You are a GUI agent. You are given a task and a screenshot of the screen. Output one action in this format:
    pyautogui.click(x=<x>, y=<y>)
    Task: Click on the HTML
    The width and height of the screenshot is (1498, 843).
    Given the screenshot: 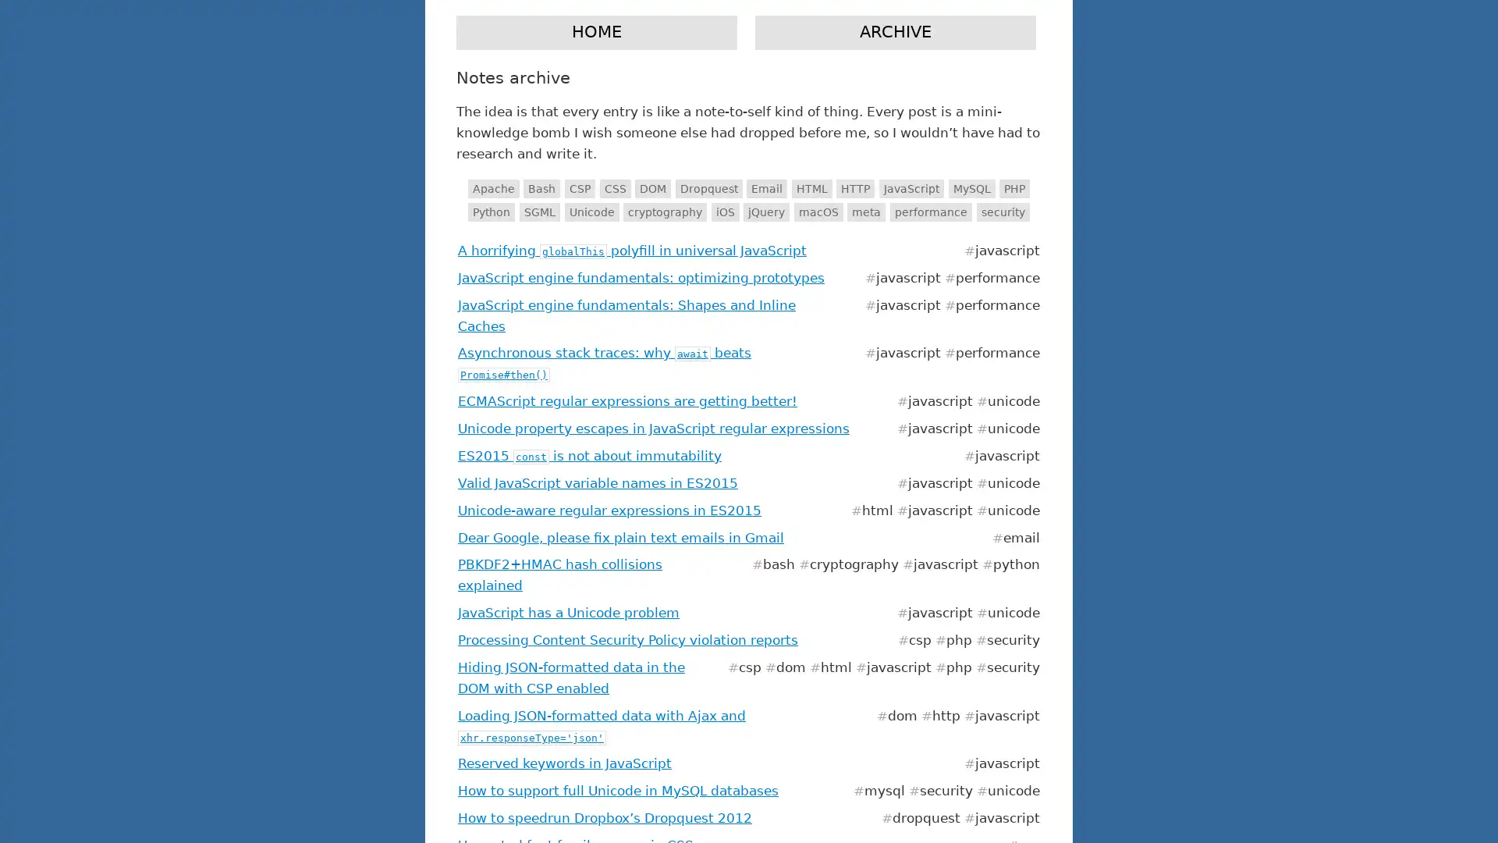 What is the action you would take?
    pyautogui.click(x=811, y=188)
    